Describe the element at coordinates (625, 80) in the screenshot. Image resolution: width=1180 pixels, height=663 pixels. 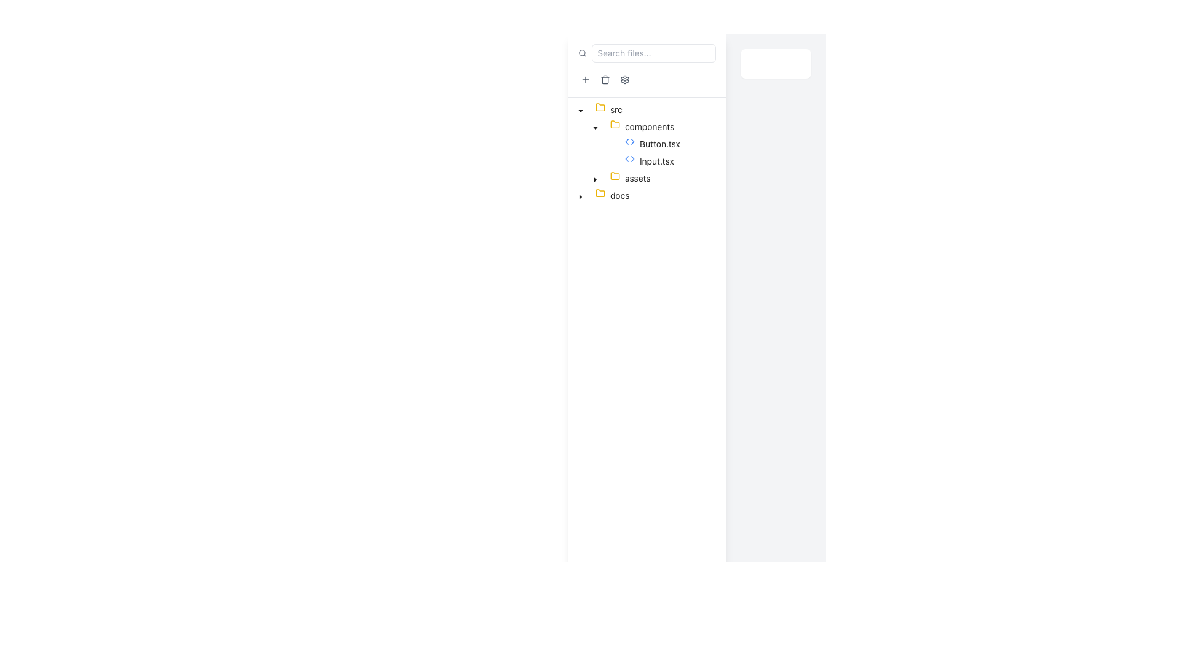
I see `the settings icon located at the top-left panel of the interface, near the search bar` at that location.